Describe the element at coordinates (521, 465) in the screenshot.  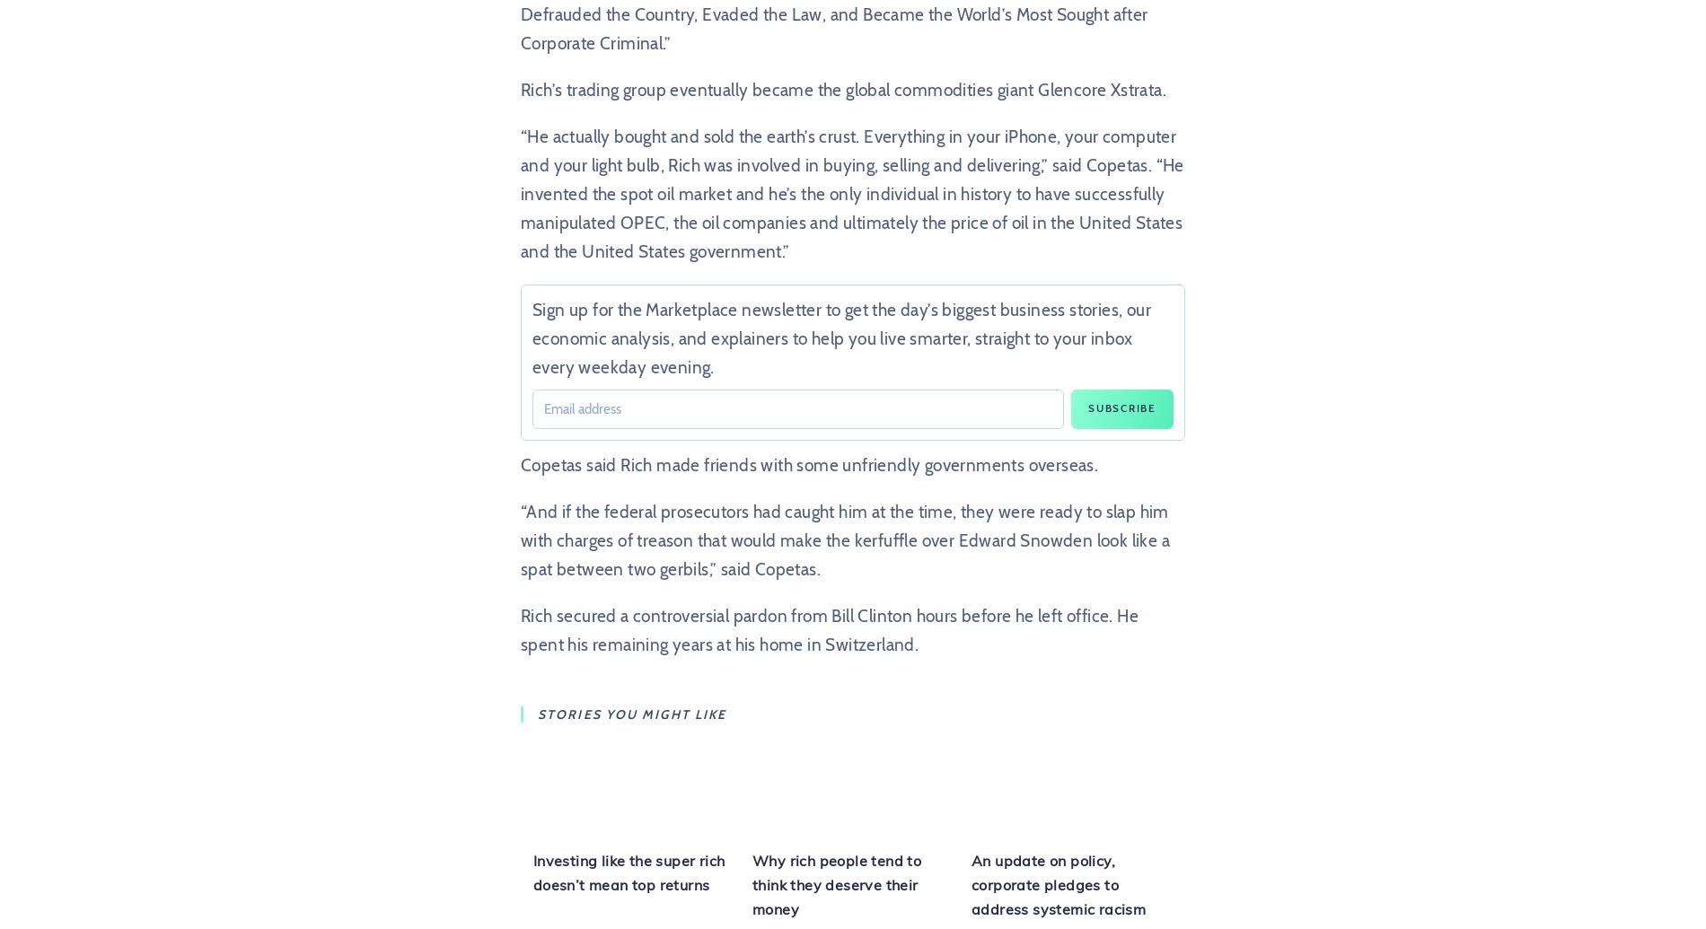
I see `'Copetas said Rich made friends with some unfriendly governments overseas.'` at that location.